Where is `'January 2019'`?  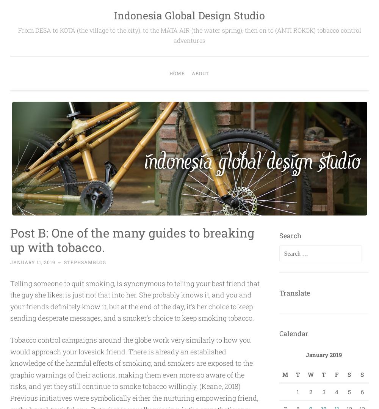 'January 2019' is located at coordinates (323, 354).